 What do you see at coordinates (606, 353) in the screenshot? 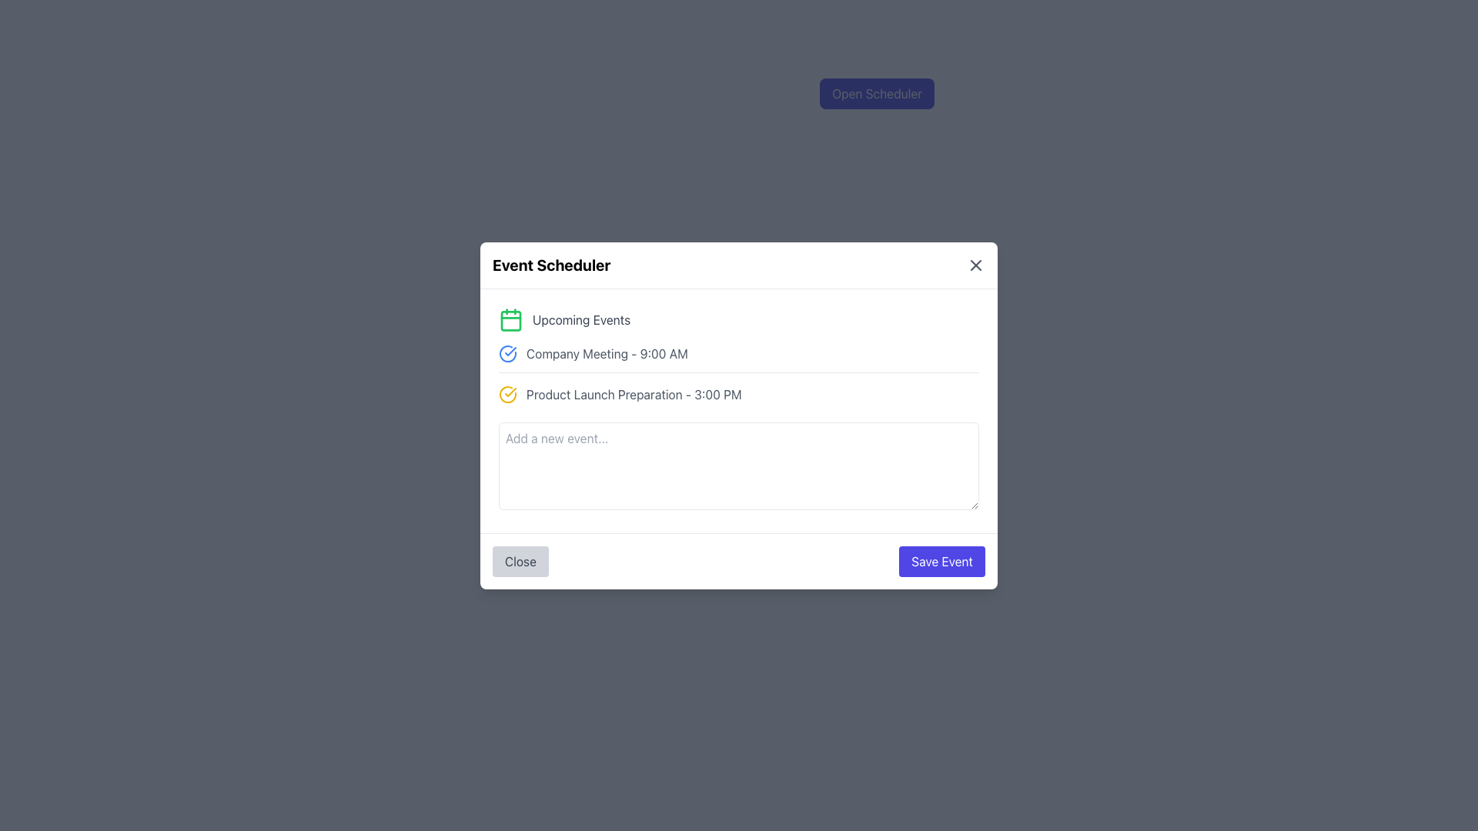
I see `text label that describes the first event's title and scheduled time in the 'Event Scheduler' modal interface, located immediately after a blue circular icon with a check mark` at bounding box center [606, 353].